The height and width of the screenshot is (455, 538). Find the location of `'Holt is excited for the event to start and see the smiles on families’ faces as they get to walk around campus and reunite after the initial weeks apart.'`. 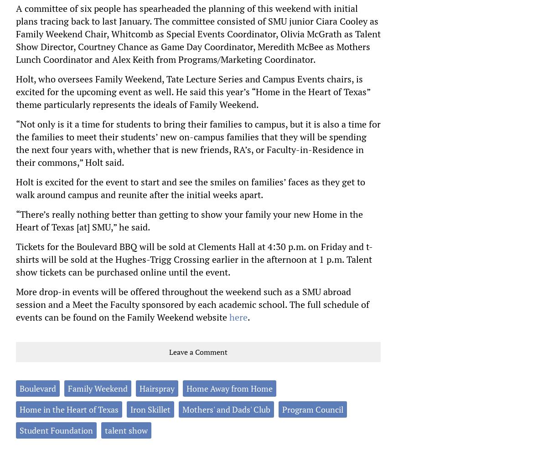

'Holt is excited for the event to start and see the smiles on families’ faces as they get to walk around campus and reunite after the initial weeks apart.' is located at coordinates (190, 187).